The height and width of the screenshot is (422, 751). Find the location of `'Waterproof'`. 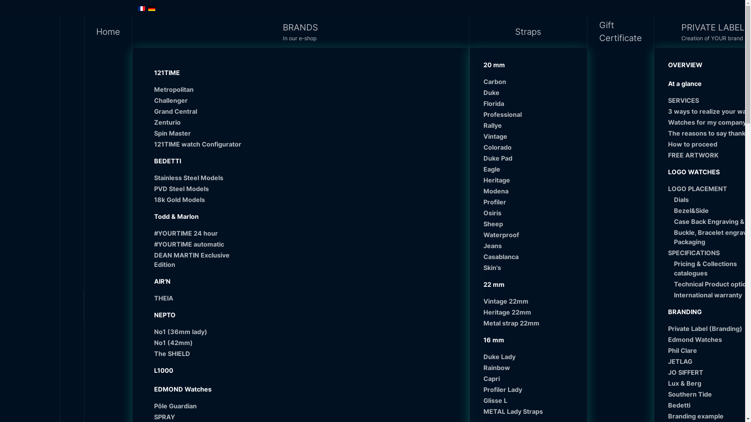

'Waterproof' is located at coordinates (531, 234).